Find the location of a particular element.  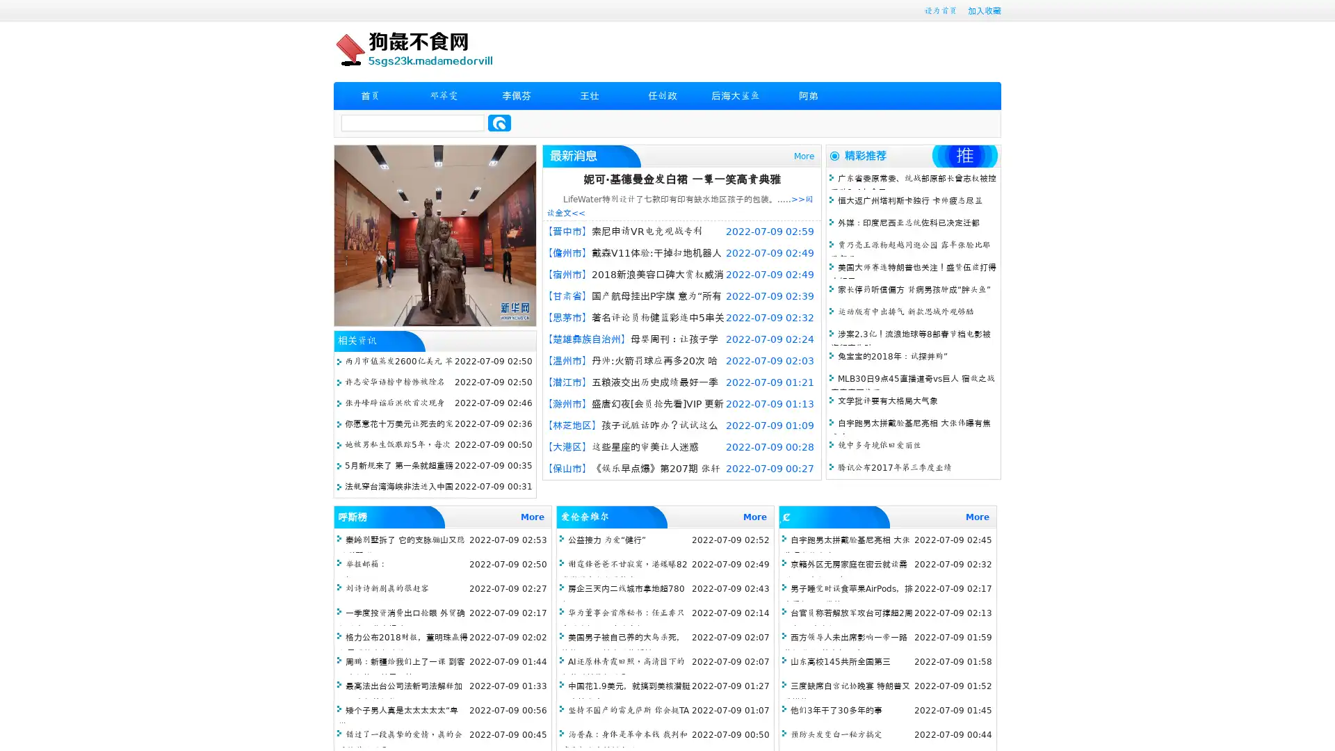

Search is located at coordinates (499, 122).